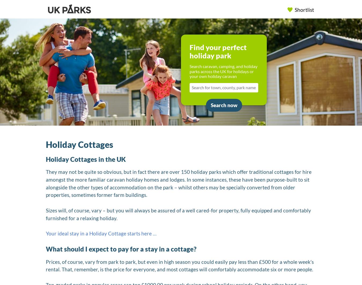 The height and width of the screenshot is (285, 362). What do you see at coordinates (179, 183) in the screenshot?
I see `'They may not be quite so obvious, but in fact there are over 150 holiday parks which offer traditional cottages for hire amongst the more familiar caravan holiday homes and lodges. In some instances, these have been purpose-built to sit alongside the other types of accommodation on the park – whilst others may be specially converted from older properties, sometimes former farm buildings.'` at bounding box center [179, 183].